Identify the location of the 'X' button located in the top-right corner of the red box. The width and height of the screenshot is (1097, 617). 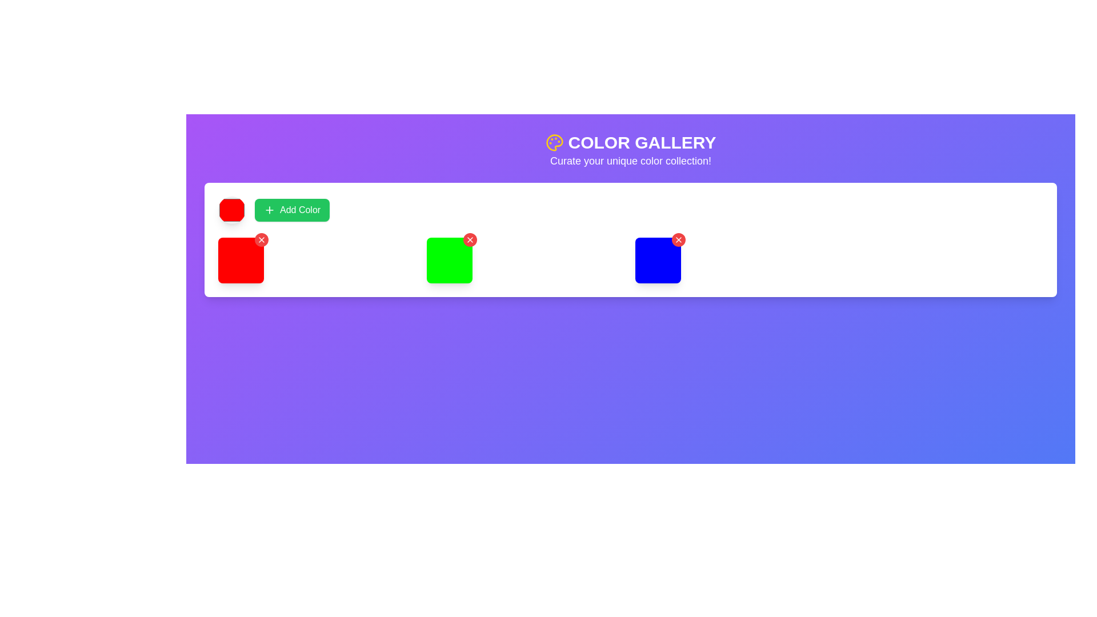
(261, 239).